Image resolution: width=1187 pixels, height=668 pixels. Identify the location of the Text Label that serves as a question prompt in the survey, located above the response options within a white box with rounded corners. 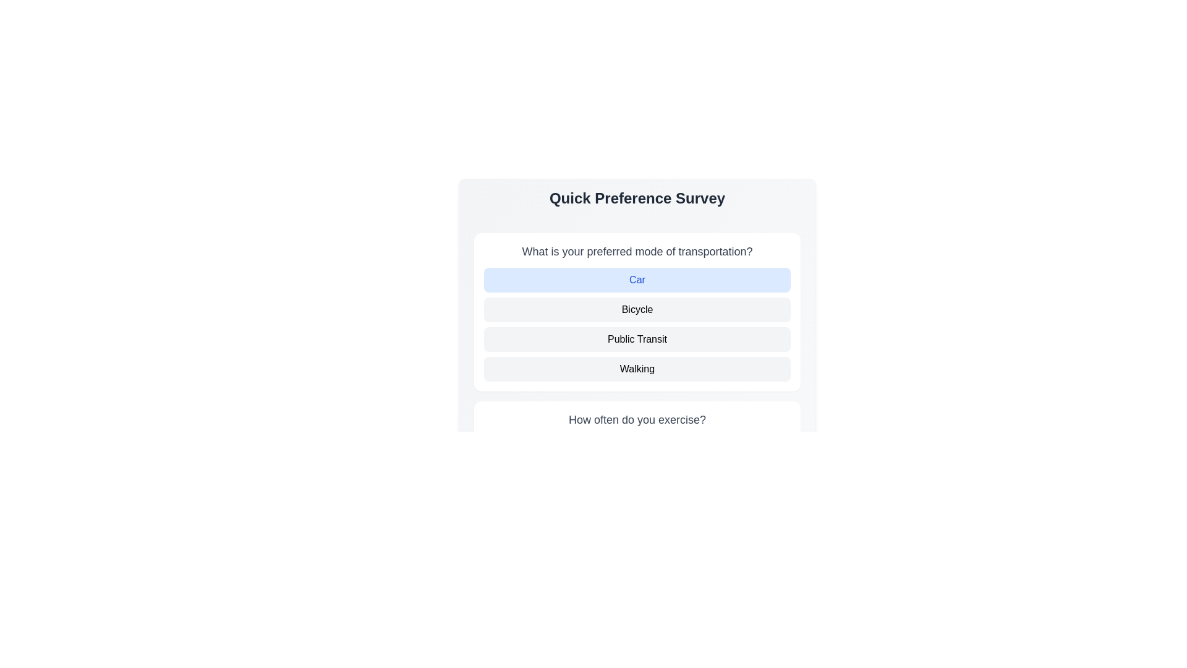
(637, 419).